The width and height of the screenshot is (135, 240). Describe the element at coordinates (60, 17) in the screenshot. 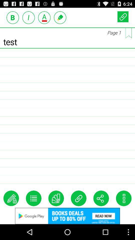

I see `marker` at that location.